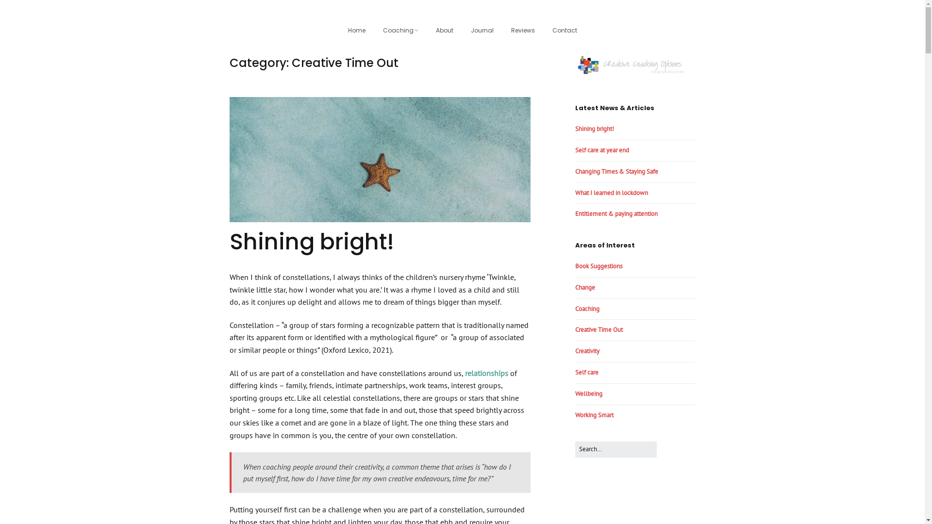  What do you see at coordinates (593, 415) in the screenshot?
I see `'Working Smart'` at bounding box center [593, 415].